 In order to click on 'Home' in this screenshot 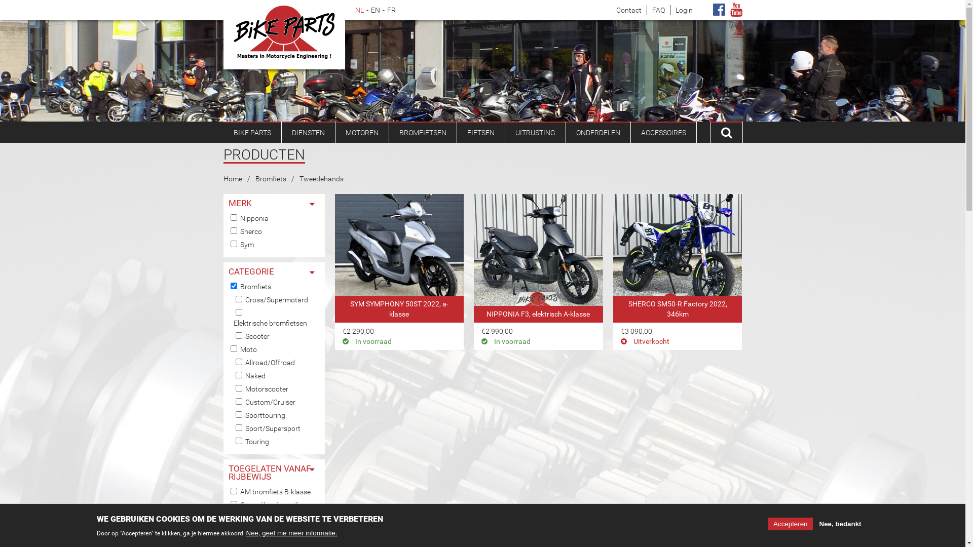, I will do `click(222, 178)`.